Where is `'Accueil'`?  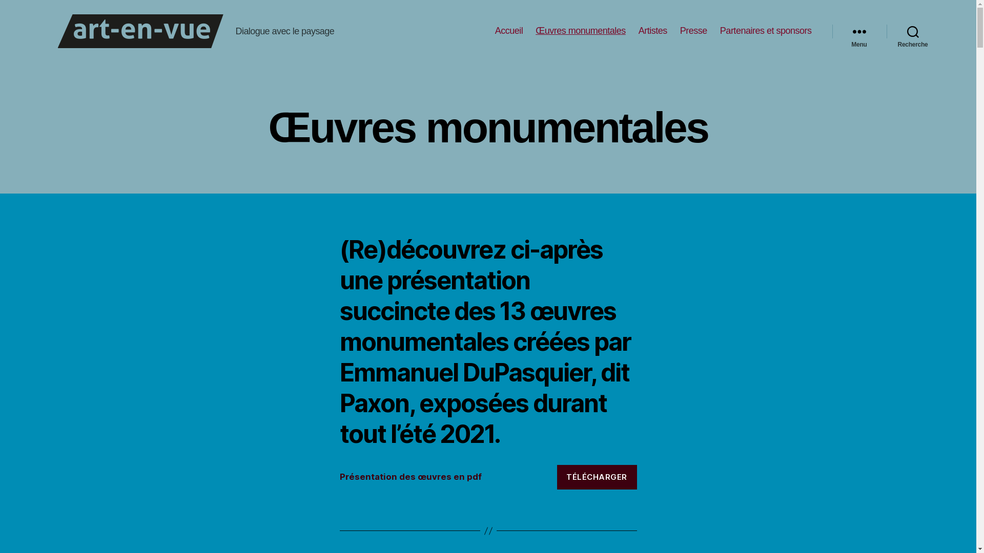
'Accueil' is located at coordinates (509, 31).